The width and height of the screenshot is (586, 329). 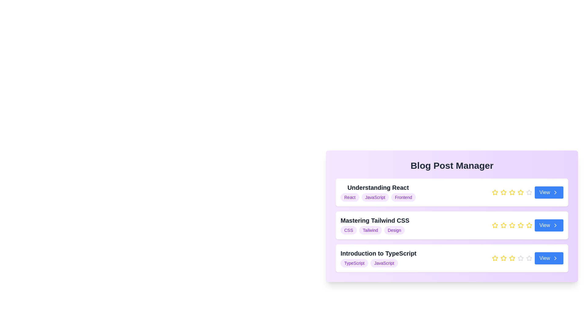 I want to click on the third star in the rating system for the 'Mastering Tailwind CSS' entry to provide user feedback, so click(x=503, y=225).